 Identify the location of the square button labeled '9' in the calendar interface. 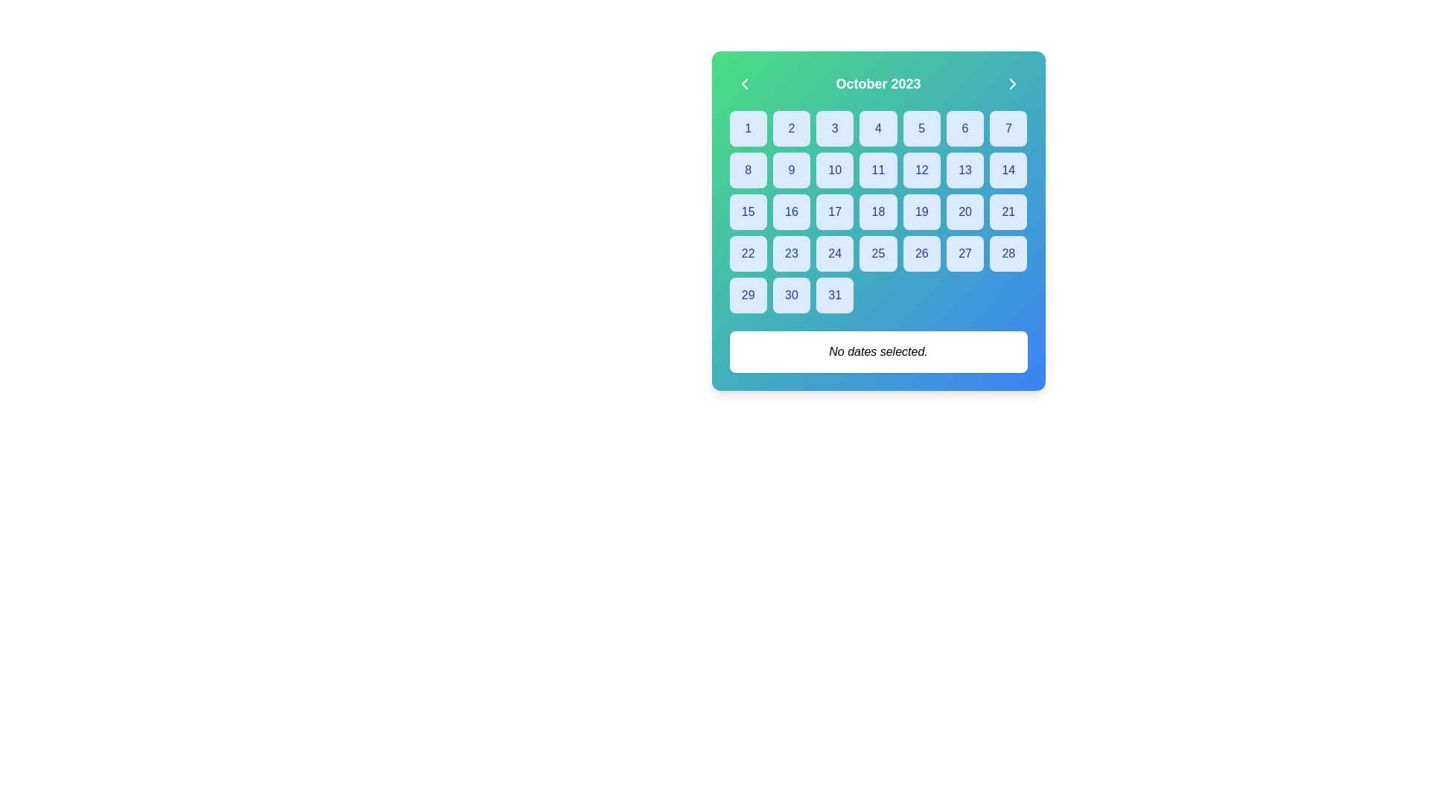
(790, 169).